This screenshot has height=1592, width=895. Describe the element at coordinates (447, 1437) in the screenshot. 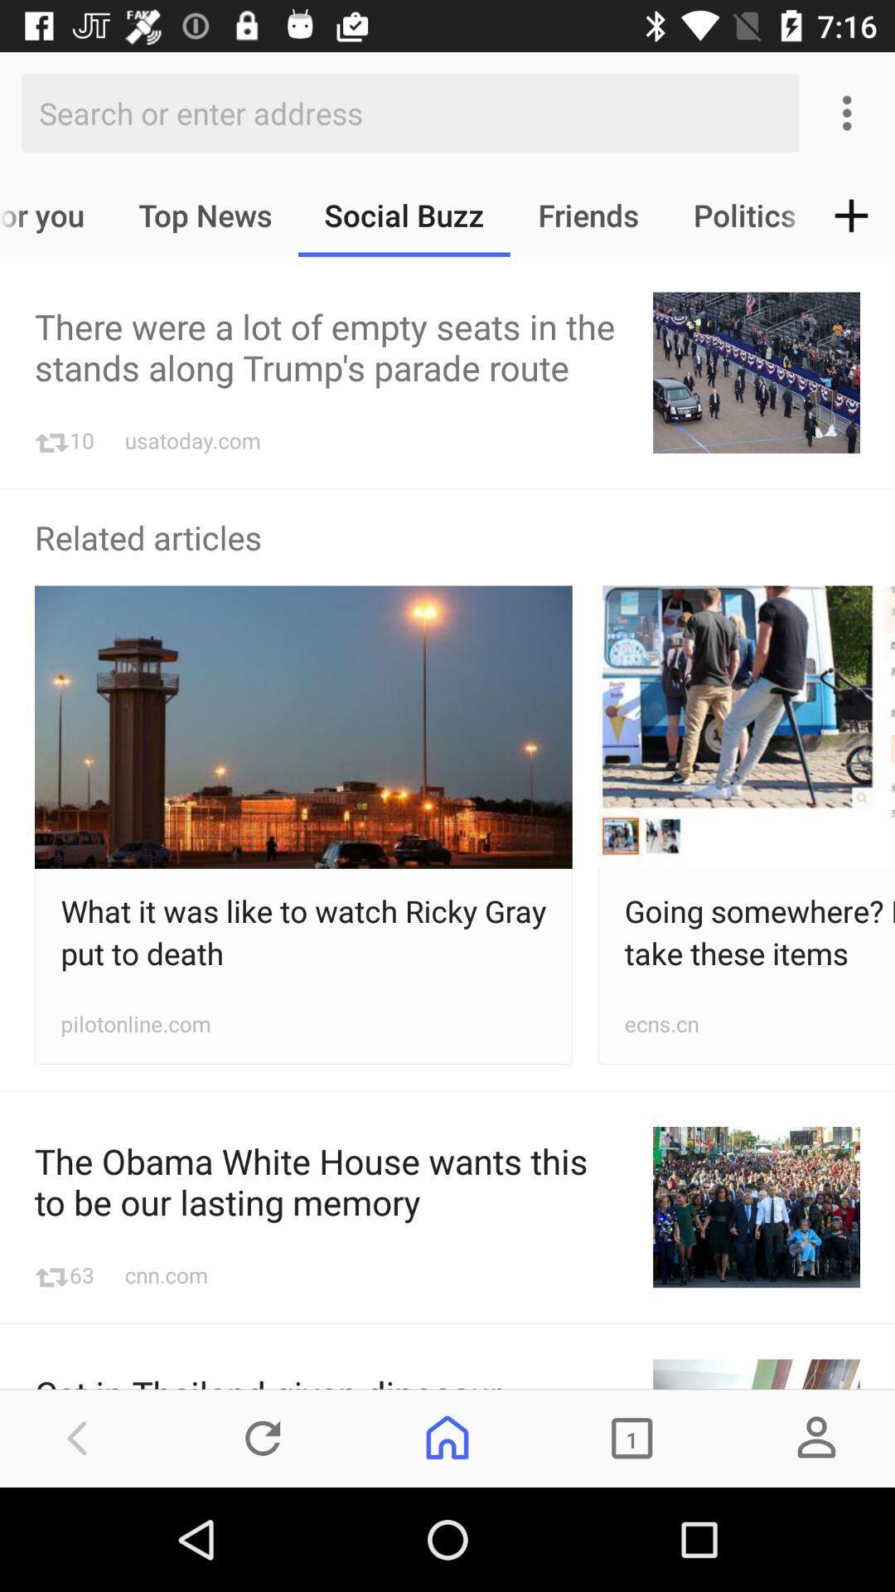

I see `the home icon` at that location.